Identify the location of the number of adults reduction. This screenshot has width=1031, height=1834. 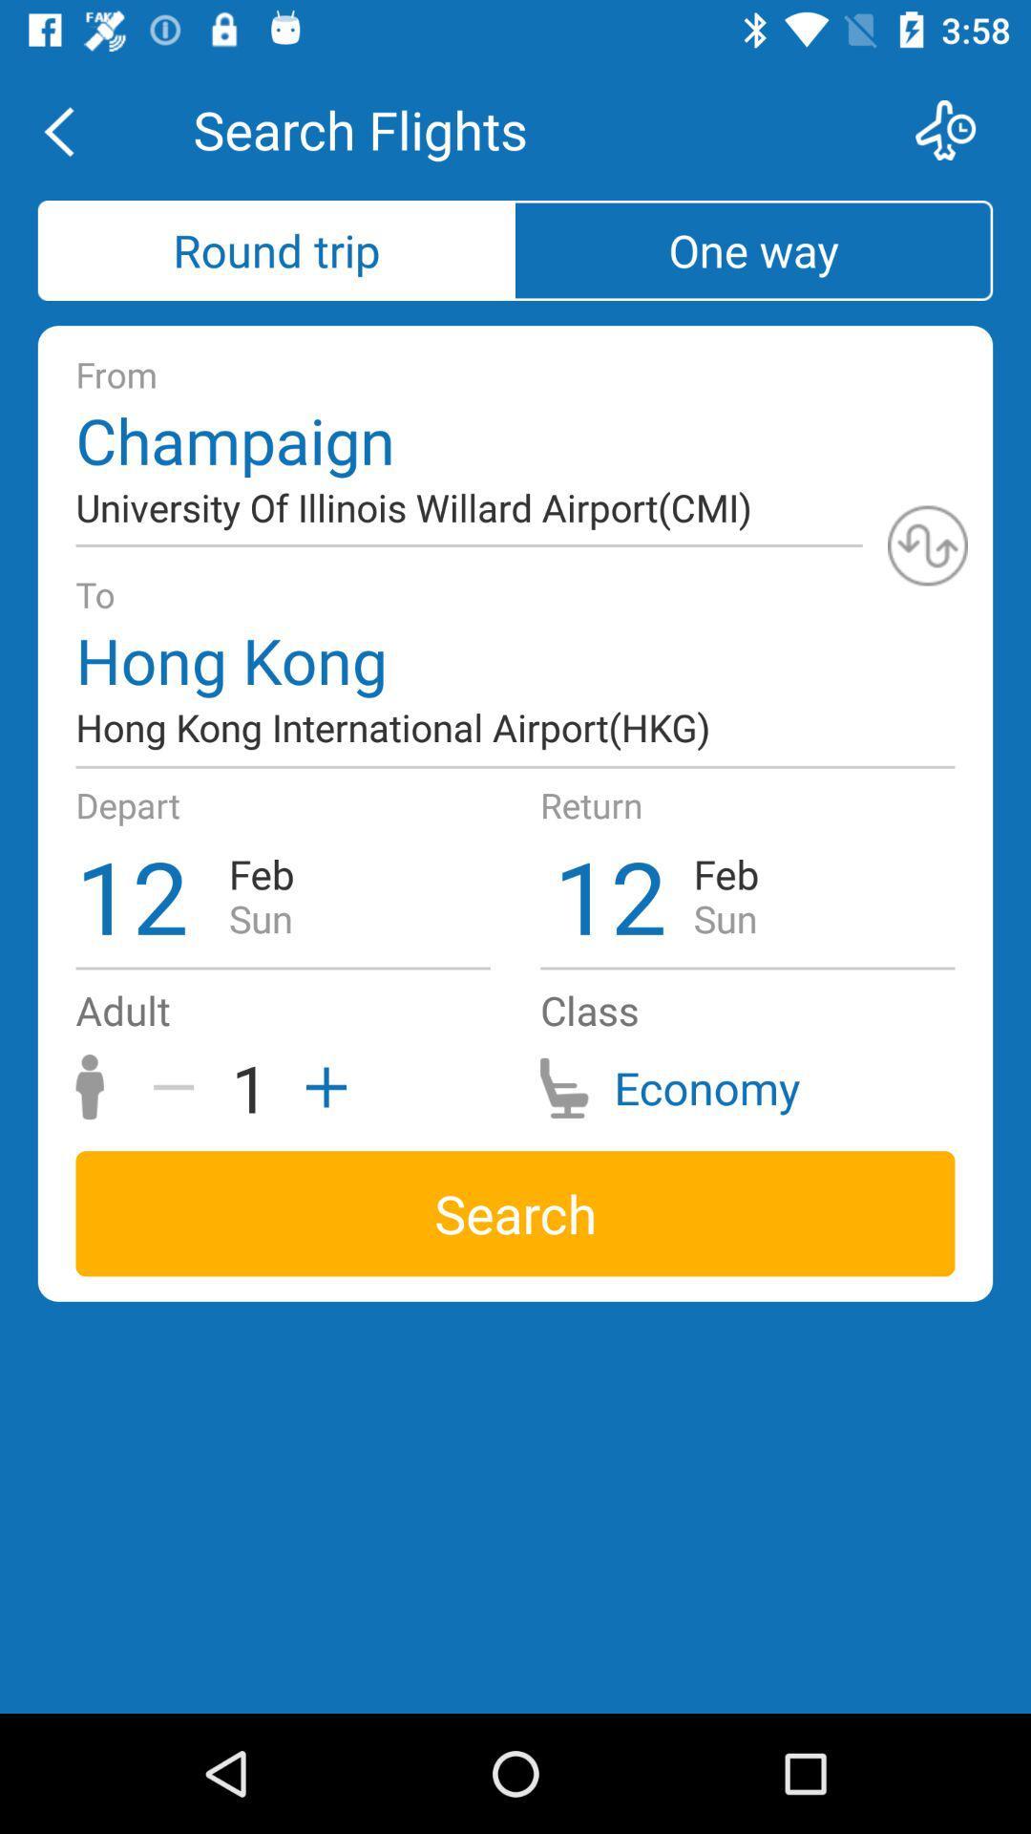
(180, 1087).